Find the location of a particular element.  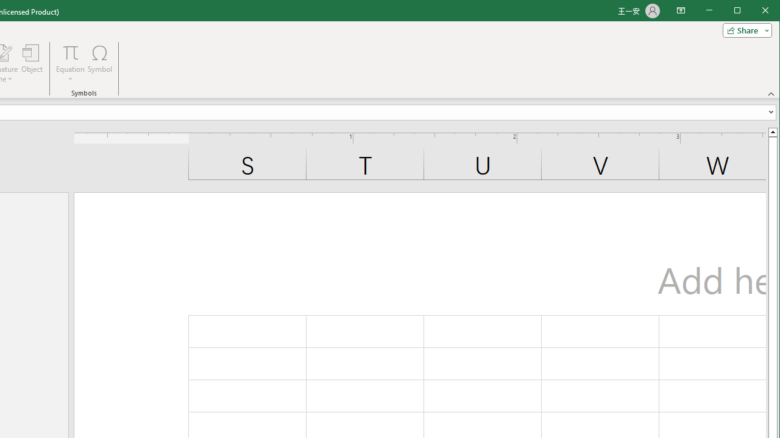

'Share' is located at coordinates (744, 30).